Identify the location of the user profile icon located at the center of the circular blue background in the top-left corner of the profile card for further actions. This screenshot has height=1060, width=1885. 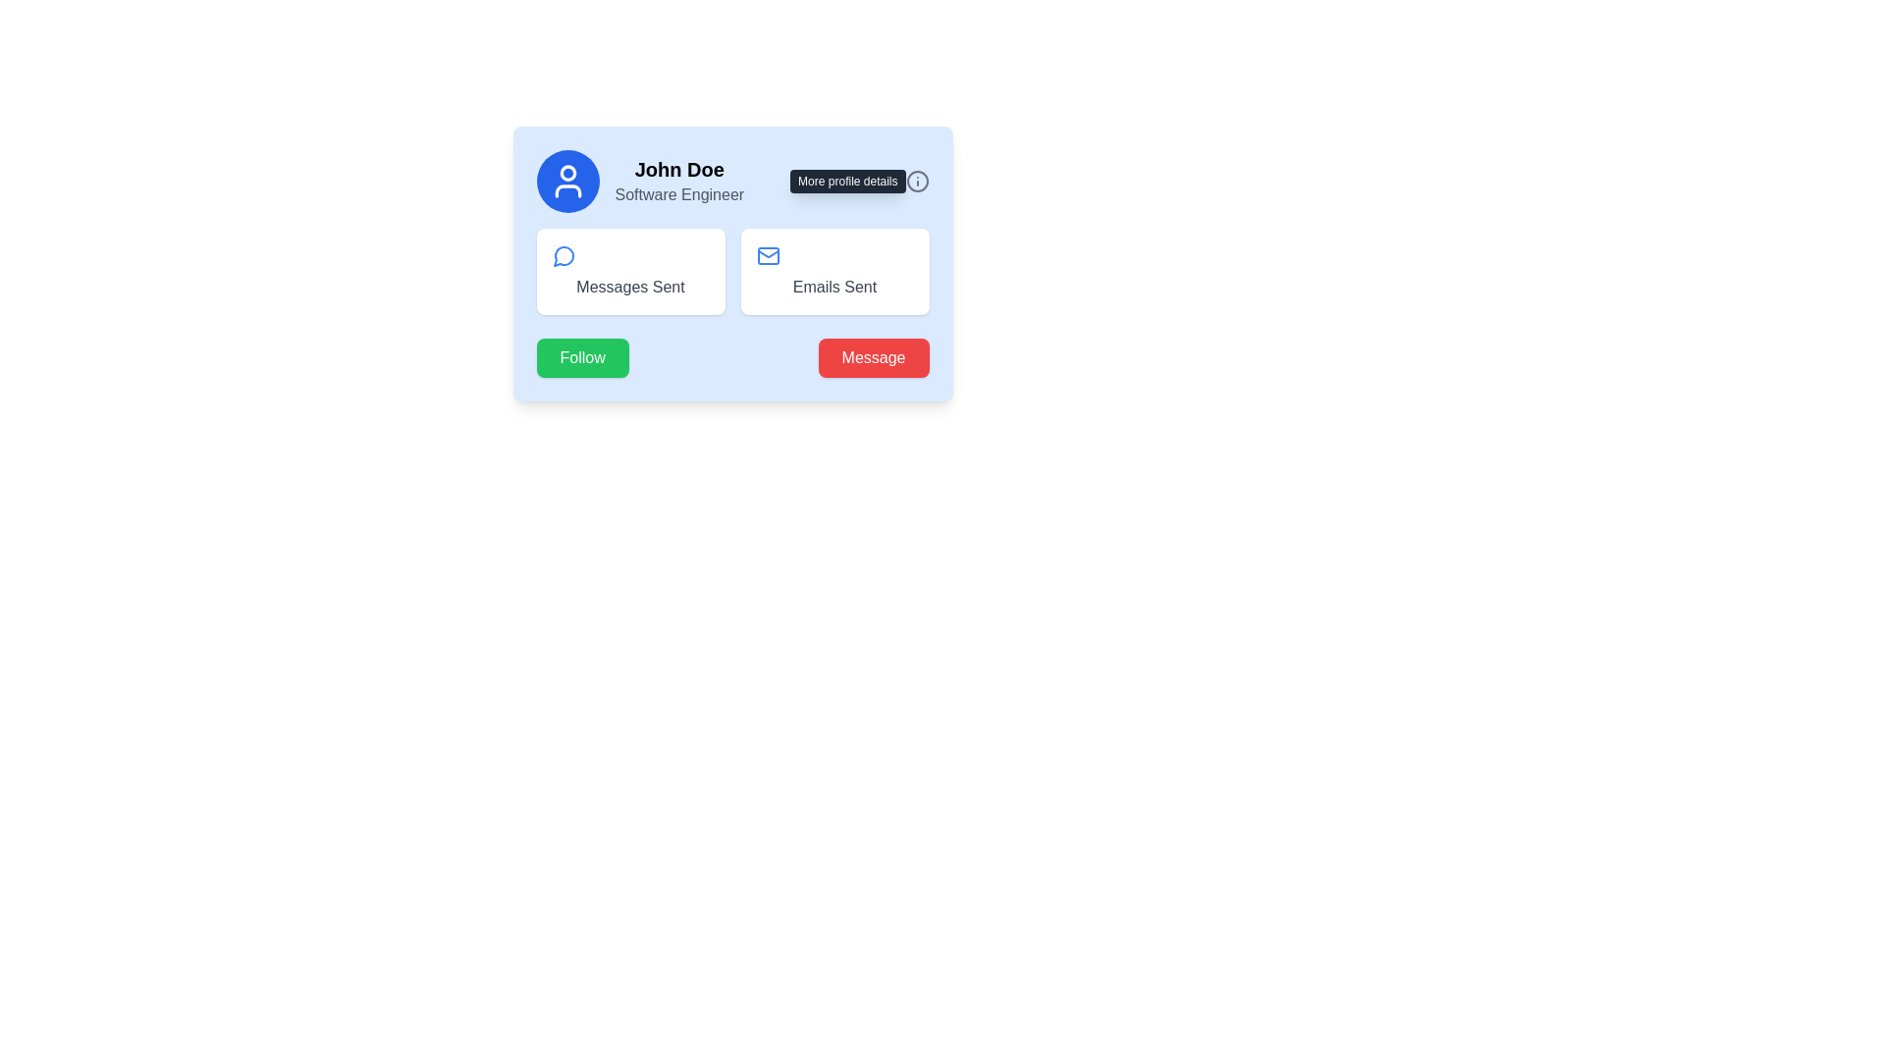
(566, 182).